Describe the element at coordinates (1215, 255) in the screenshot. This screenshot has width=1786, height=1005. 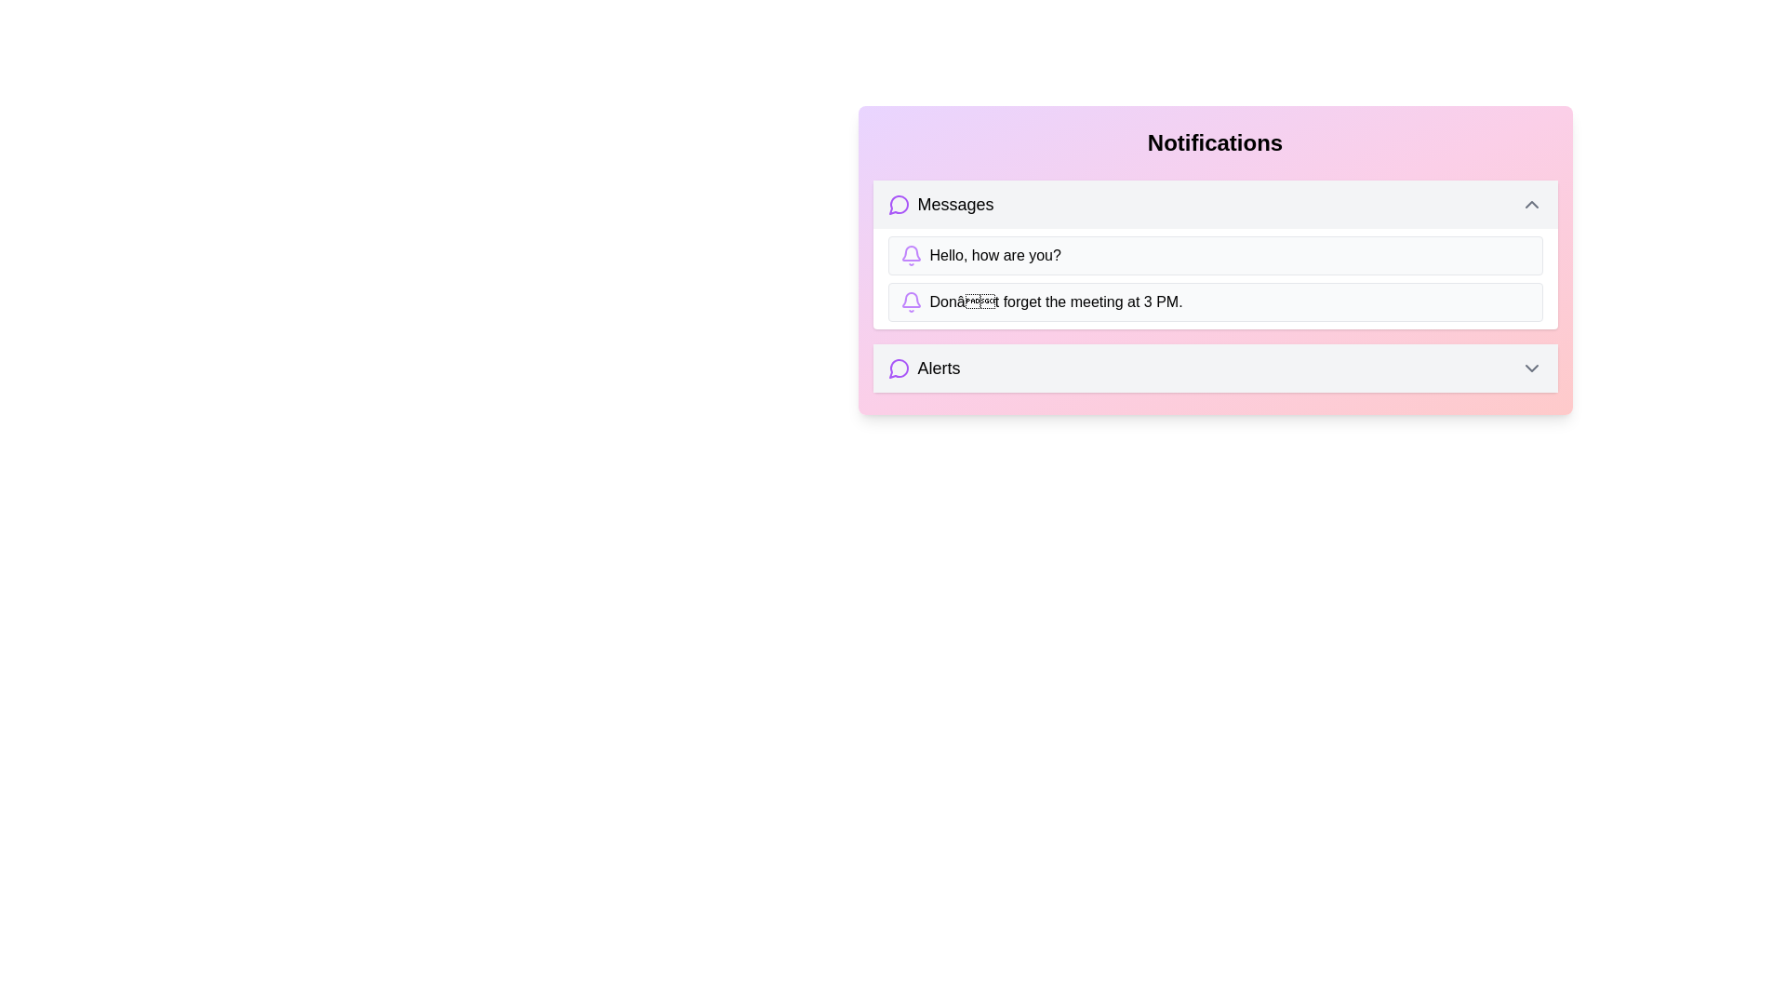
I see `the notification titled 'Hello, how are you?'` at that location.